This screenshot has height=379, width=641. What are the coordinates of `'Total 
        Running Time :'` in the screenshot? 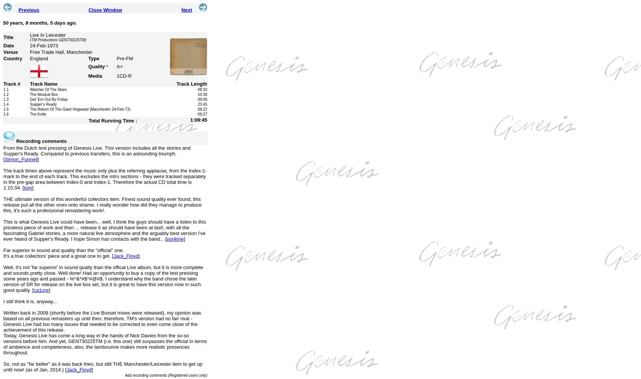 It's located at (112, 120).